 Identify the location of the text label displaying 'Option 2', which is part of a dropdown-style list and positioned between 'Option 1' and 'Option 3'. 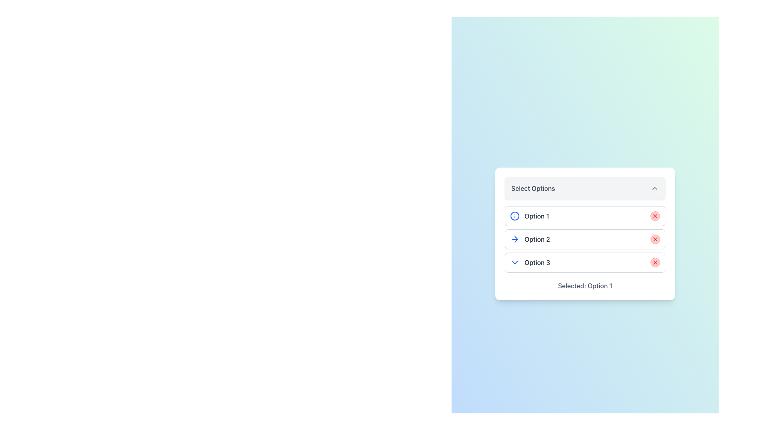
(537, 239).